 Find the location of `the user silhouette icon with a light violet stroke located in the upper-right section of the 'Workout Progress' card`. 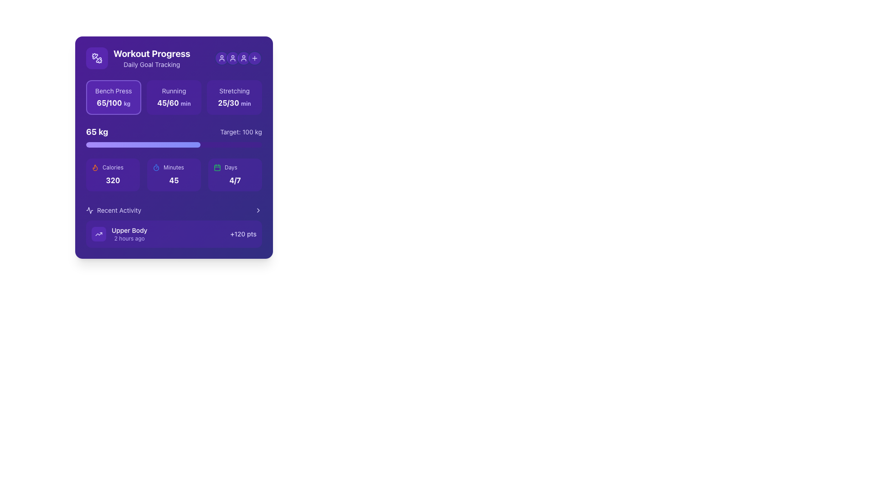

the user silhouette icon with a light violet stroke located in the upper-right section of the 'Workout Progress' card is located at coordinates (221, 58).